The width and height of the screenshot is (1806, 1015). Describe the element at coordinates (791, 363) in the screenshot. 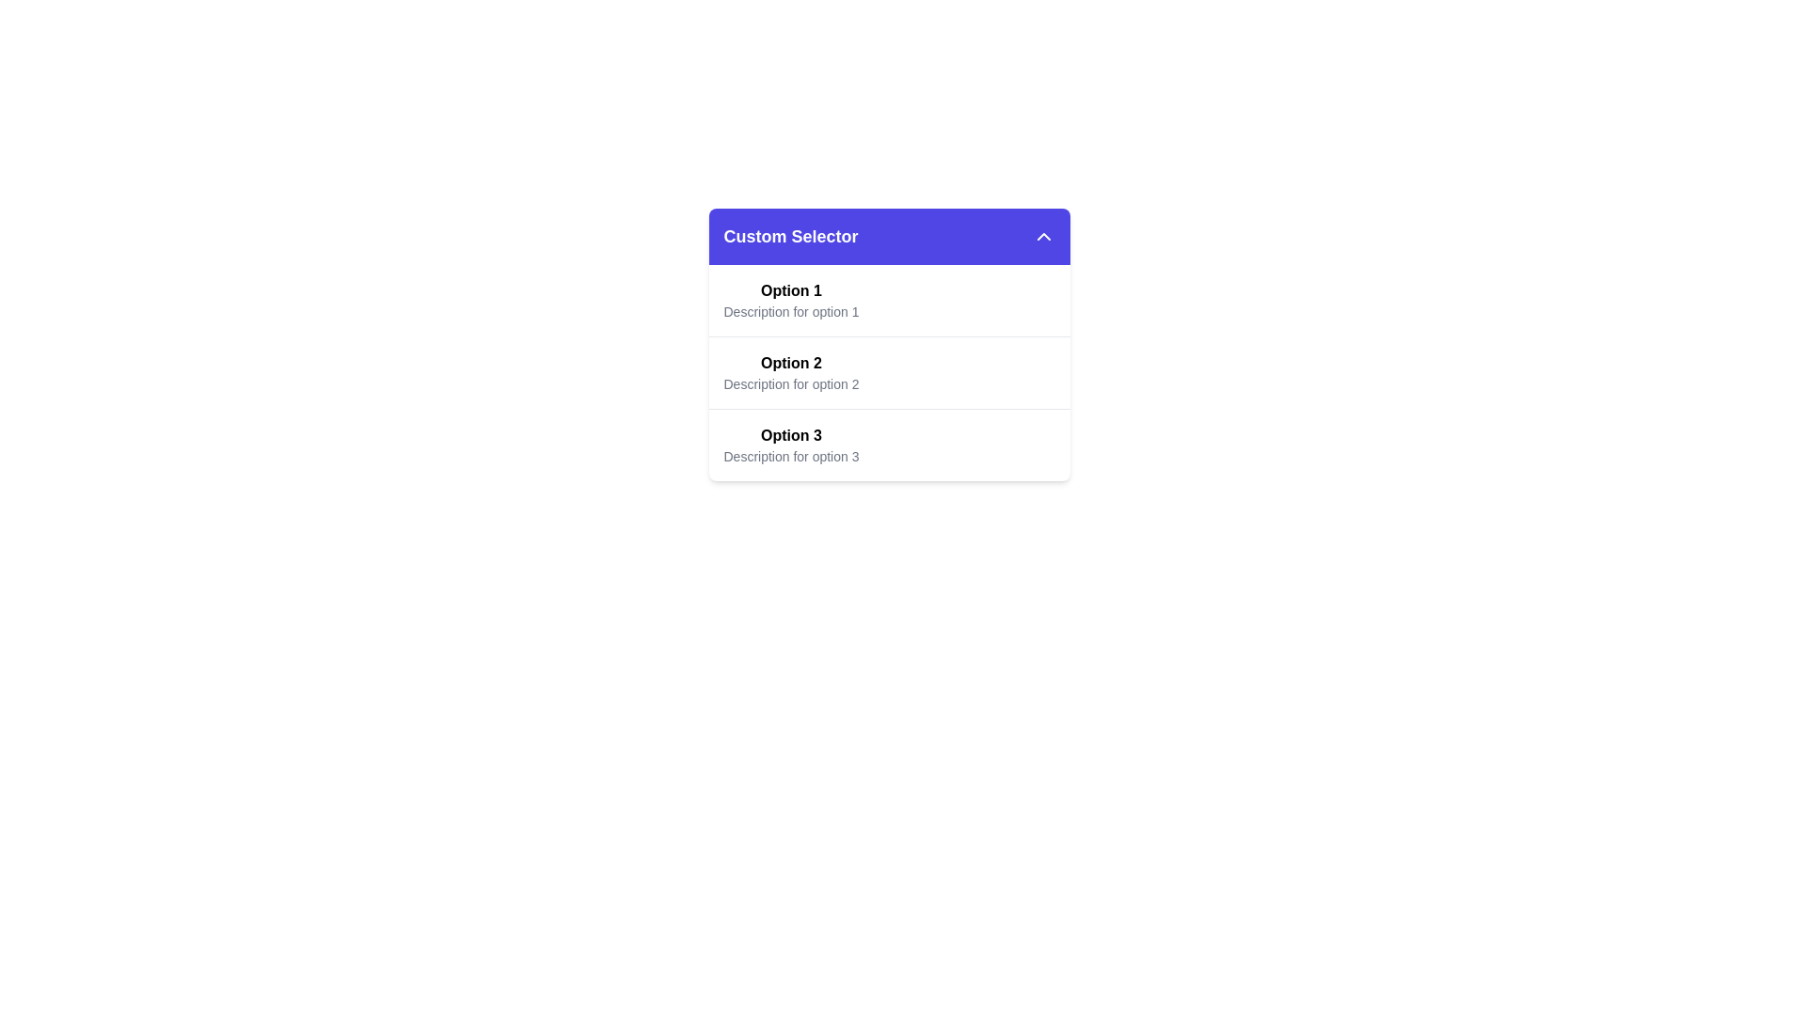

I see `the text label that serves as the title for 'Option 2' in the dropdown menu` at that location.